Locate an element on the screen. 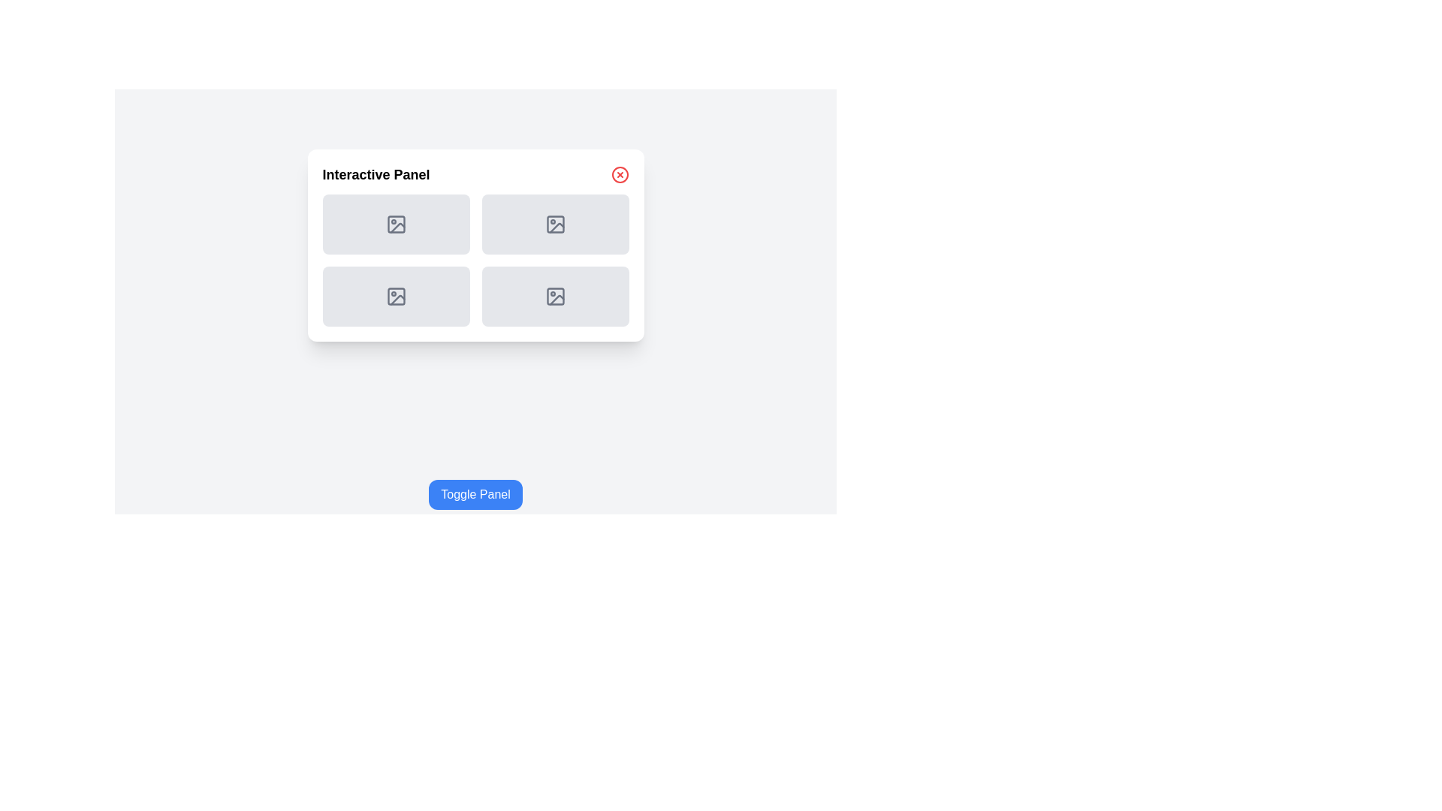 The image size is (1442, 811). the Close Button located in the upper-right corner of the 'Interactive Panel' is located at coordinates (620, 173).